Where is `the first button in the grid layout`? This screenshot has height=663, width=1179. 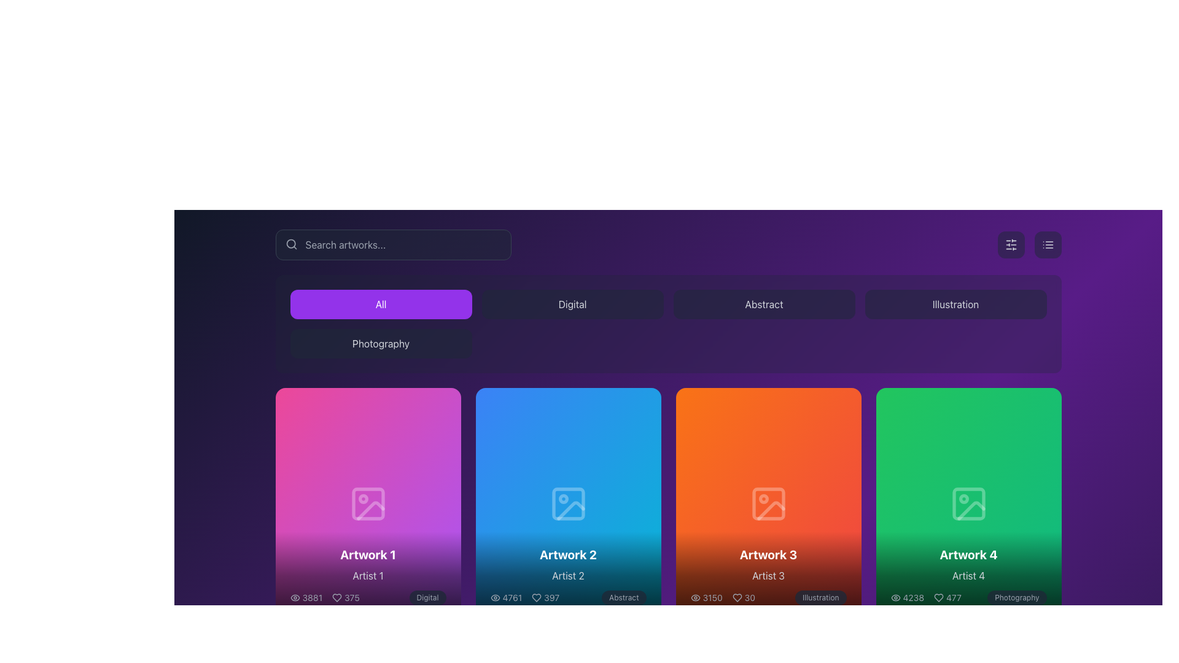
the first button in the grid layout is located at coordinates (380, 304).